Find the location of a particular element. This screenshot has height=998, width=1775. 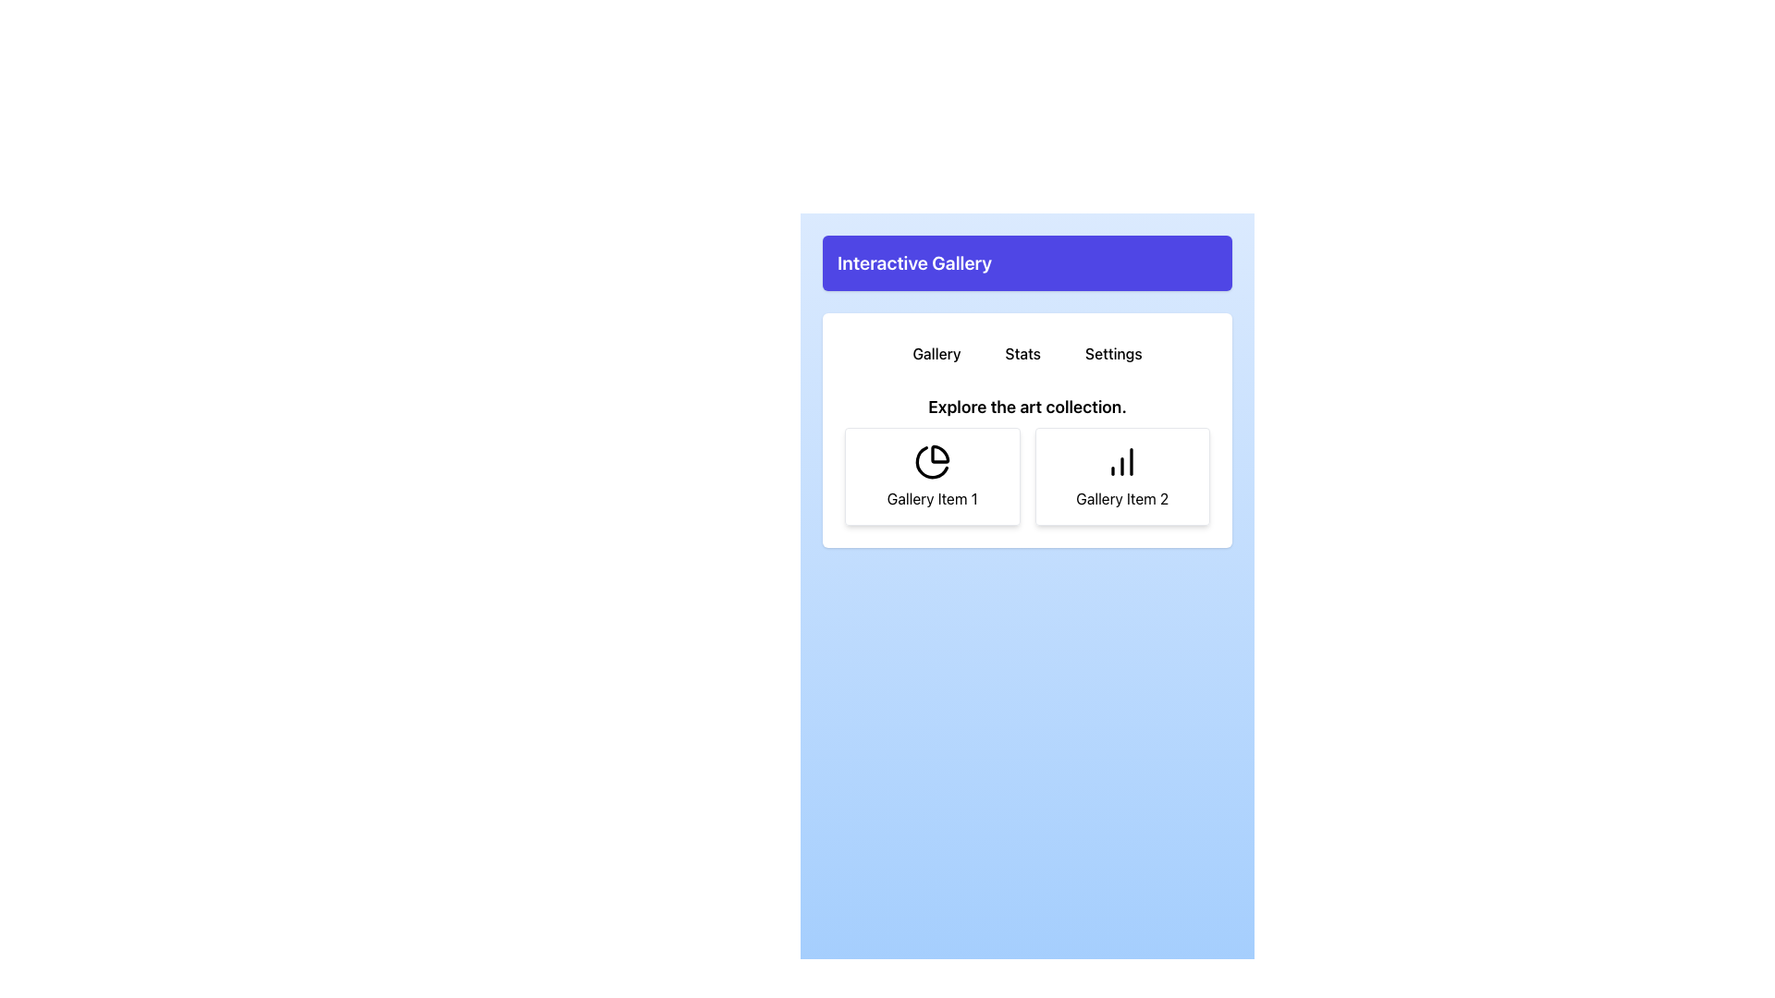

the card labeled 'Gallery Item 1' is located at coordinates (932, 476).